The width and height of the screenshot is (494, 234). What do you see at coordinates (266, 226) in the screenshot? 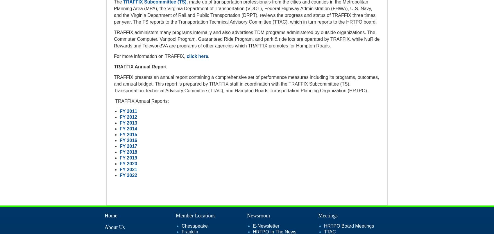
I see `'E-Newsletter'` at bounding box center [266, 226].